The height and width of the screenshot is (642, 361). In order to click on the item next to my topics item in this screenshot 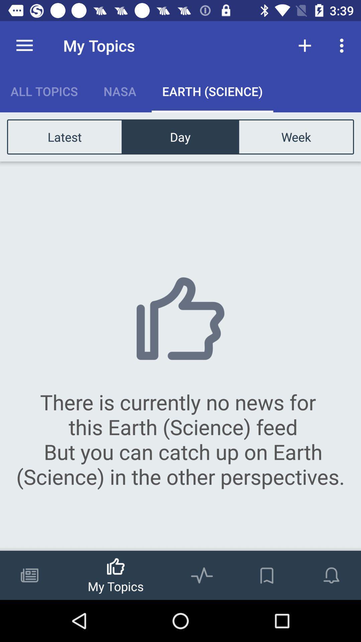, I will do `click(305, 45)`.